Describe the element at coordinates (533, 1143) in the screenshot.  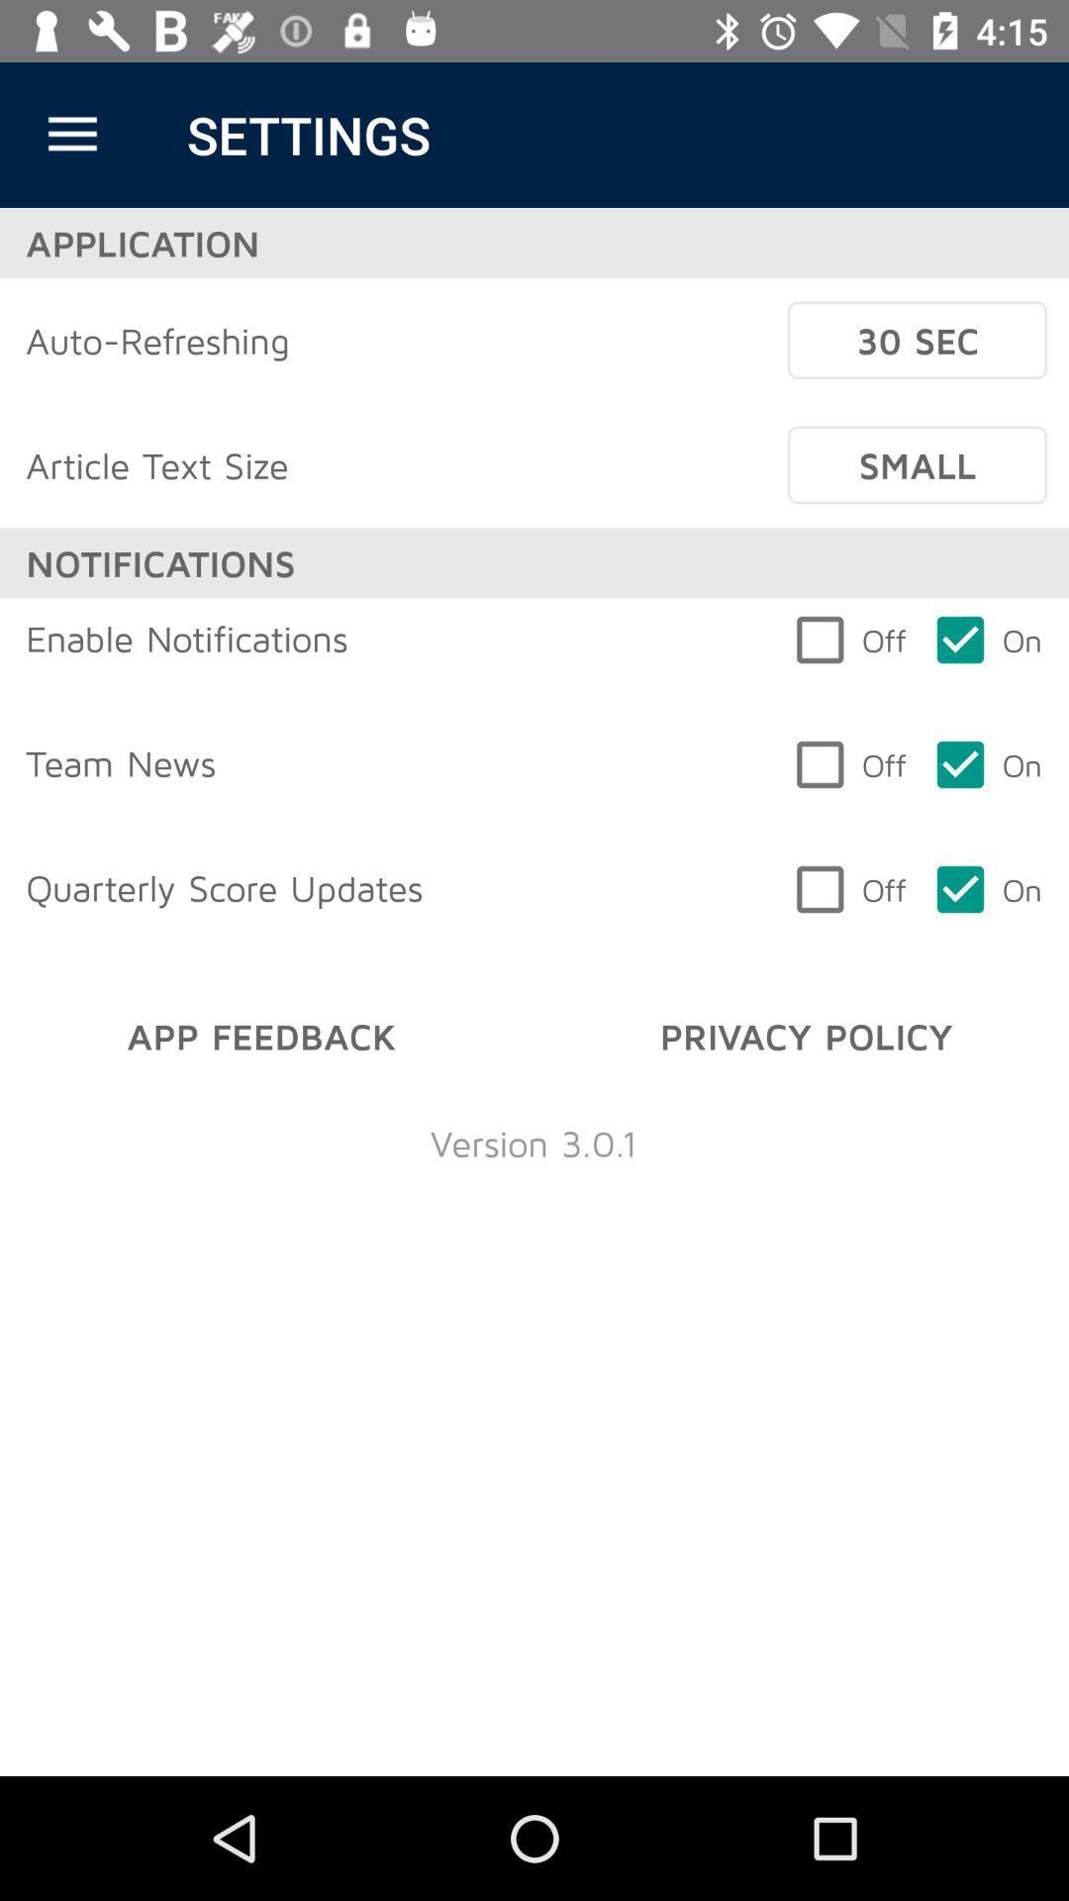
I see `icon below app feedback item` at that location.